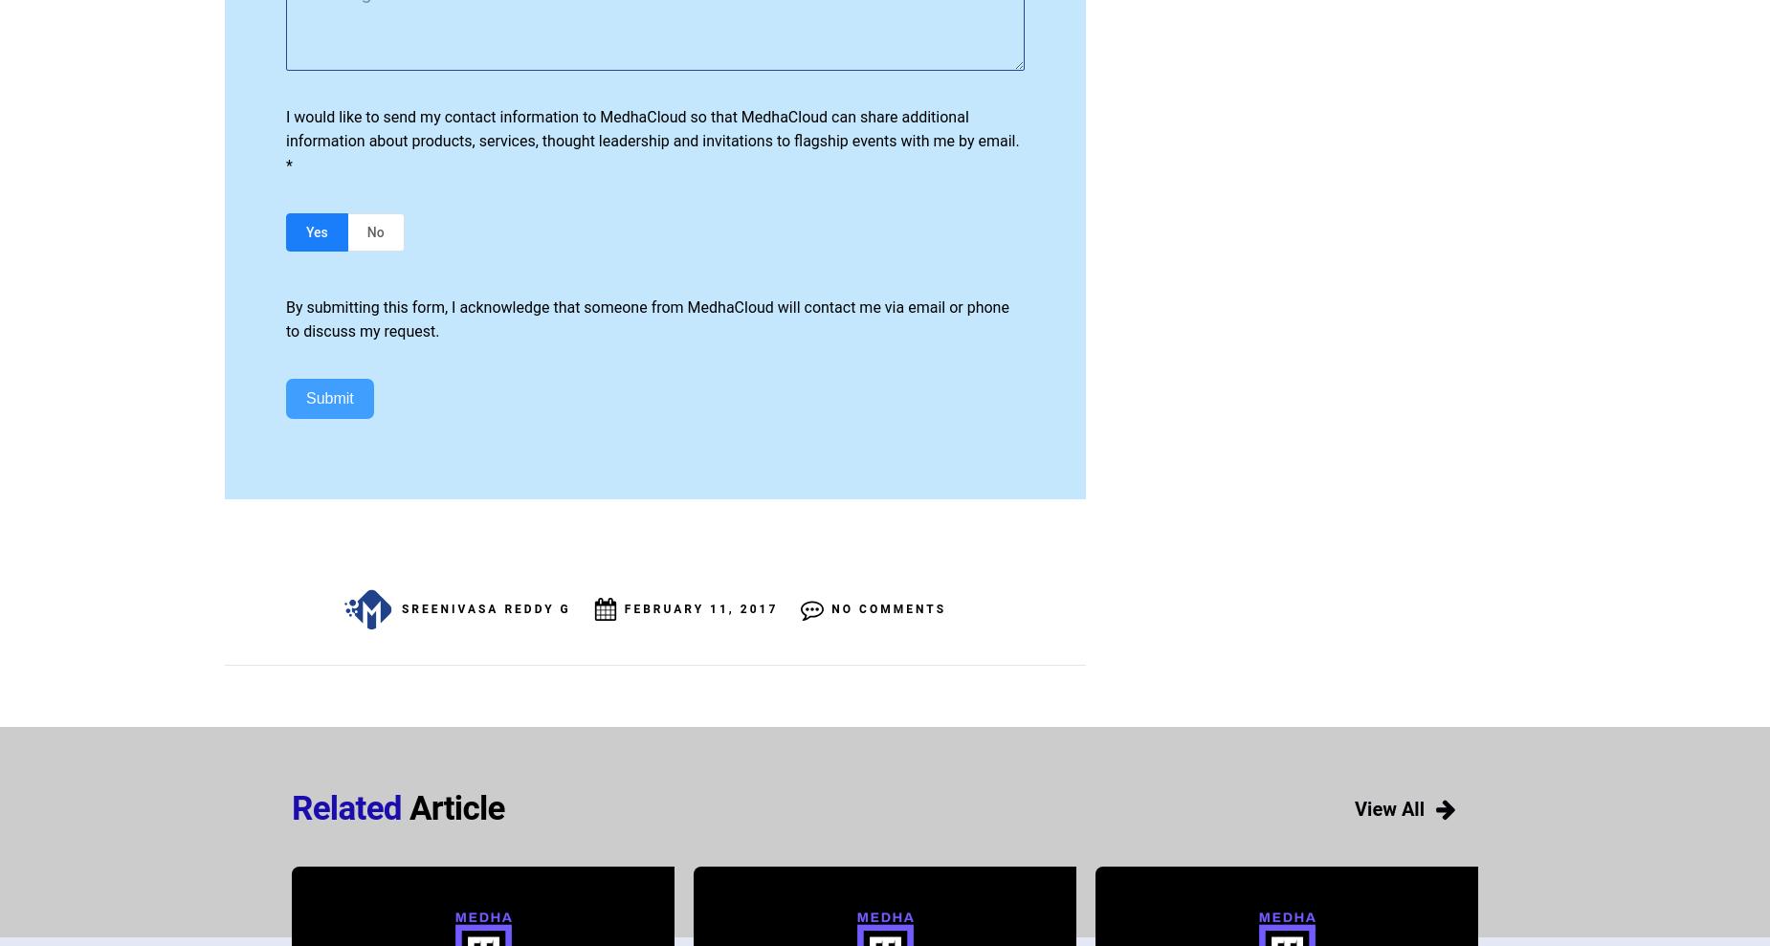 The width and height of the screenshot is (1770, 946). I want to click on 'I would like to send my contact information to MedhaCloud so that MedhaCloud can share additional information about products, services, thought leadership and invitations to flagship events with me by email. *', so click(652, 139).